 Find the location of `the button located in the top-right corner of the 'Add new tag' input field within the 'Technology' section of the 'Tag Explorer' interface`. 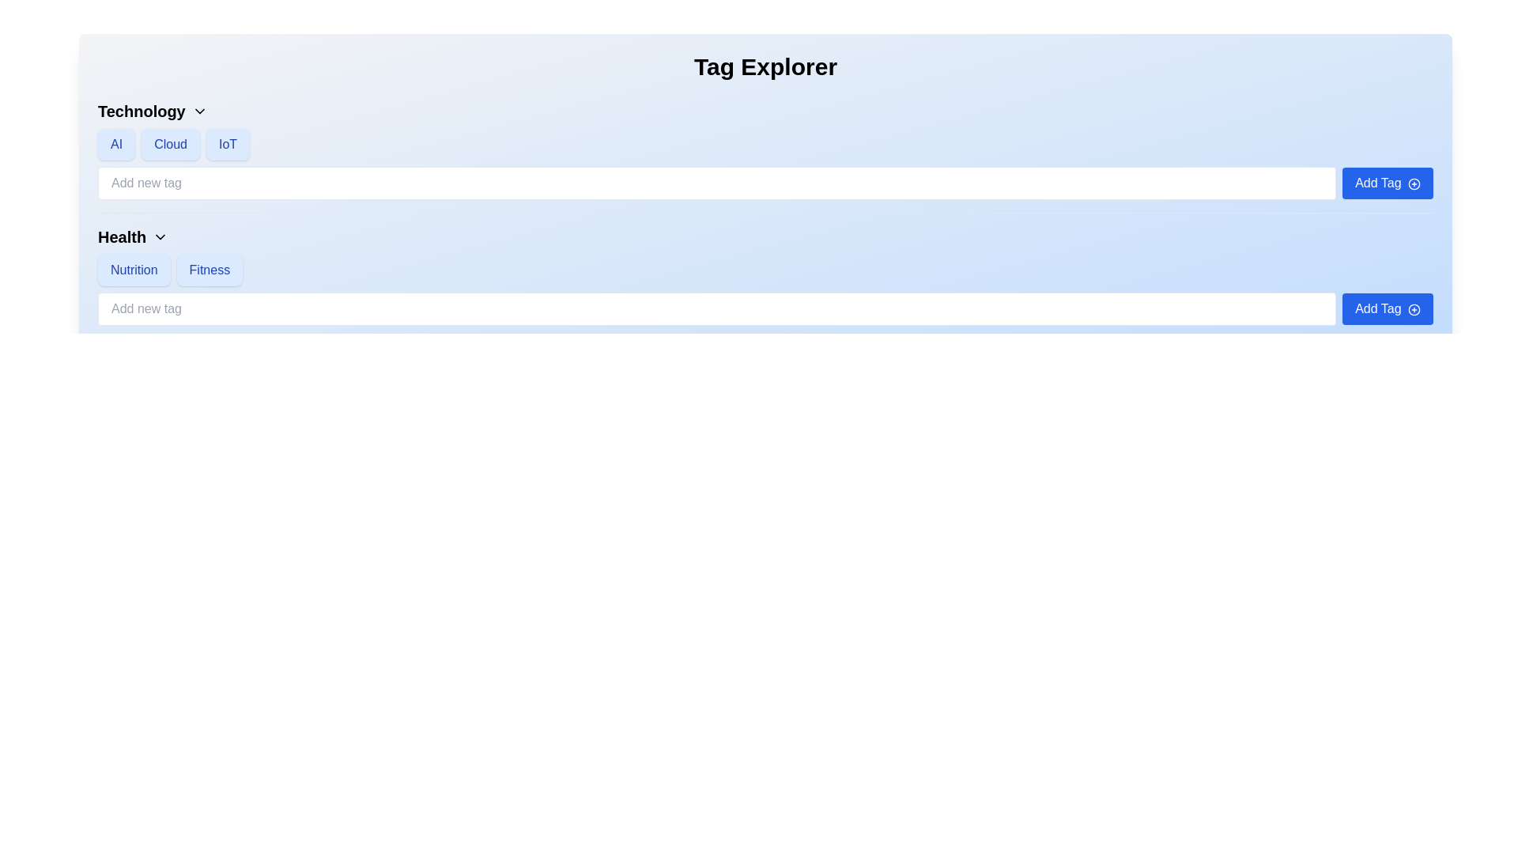

the button located in the top-right corner of the 'Add new tag' input field within the 'Technology' section of the 'Tag Explorer' interface is located at coordinates (1387, 182).